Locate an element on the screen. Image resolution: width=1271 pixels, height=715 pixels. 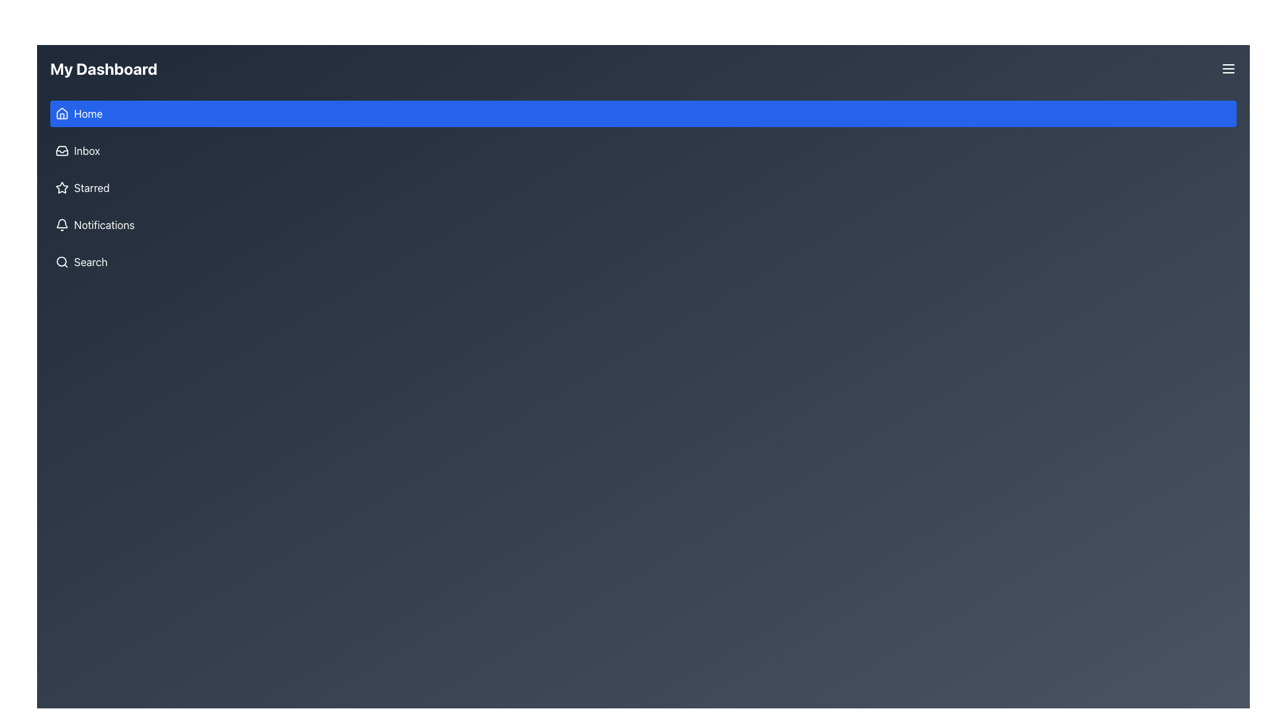
to select the 'Starred' menu item represented by the star icon in the left panel of the dashboard interface, adjacent to the label 'Starred' is located at coordinates (60, 187).